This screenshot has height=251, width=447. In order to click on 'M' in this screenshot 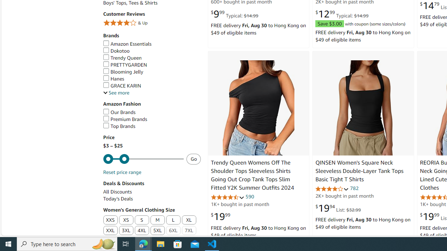, I will do `click(157, 220)`.